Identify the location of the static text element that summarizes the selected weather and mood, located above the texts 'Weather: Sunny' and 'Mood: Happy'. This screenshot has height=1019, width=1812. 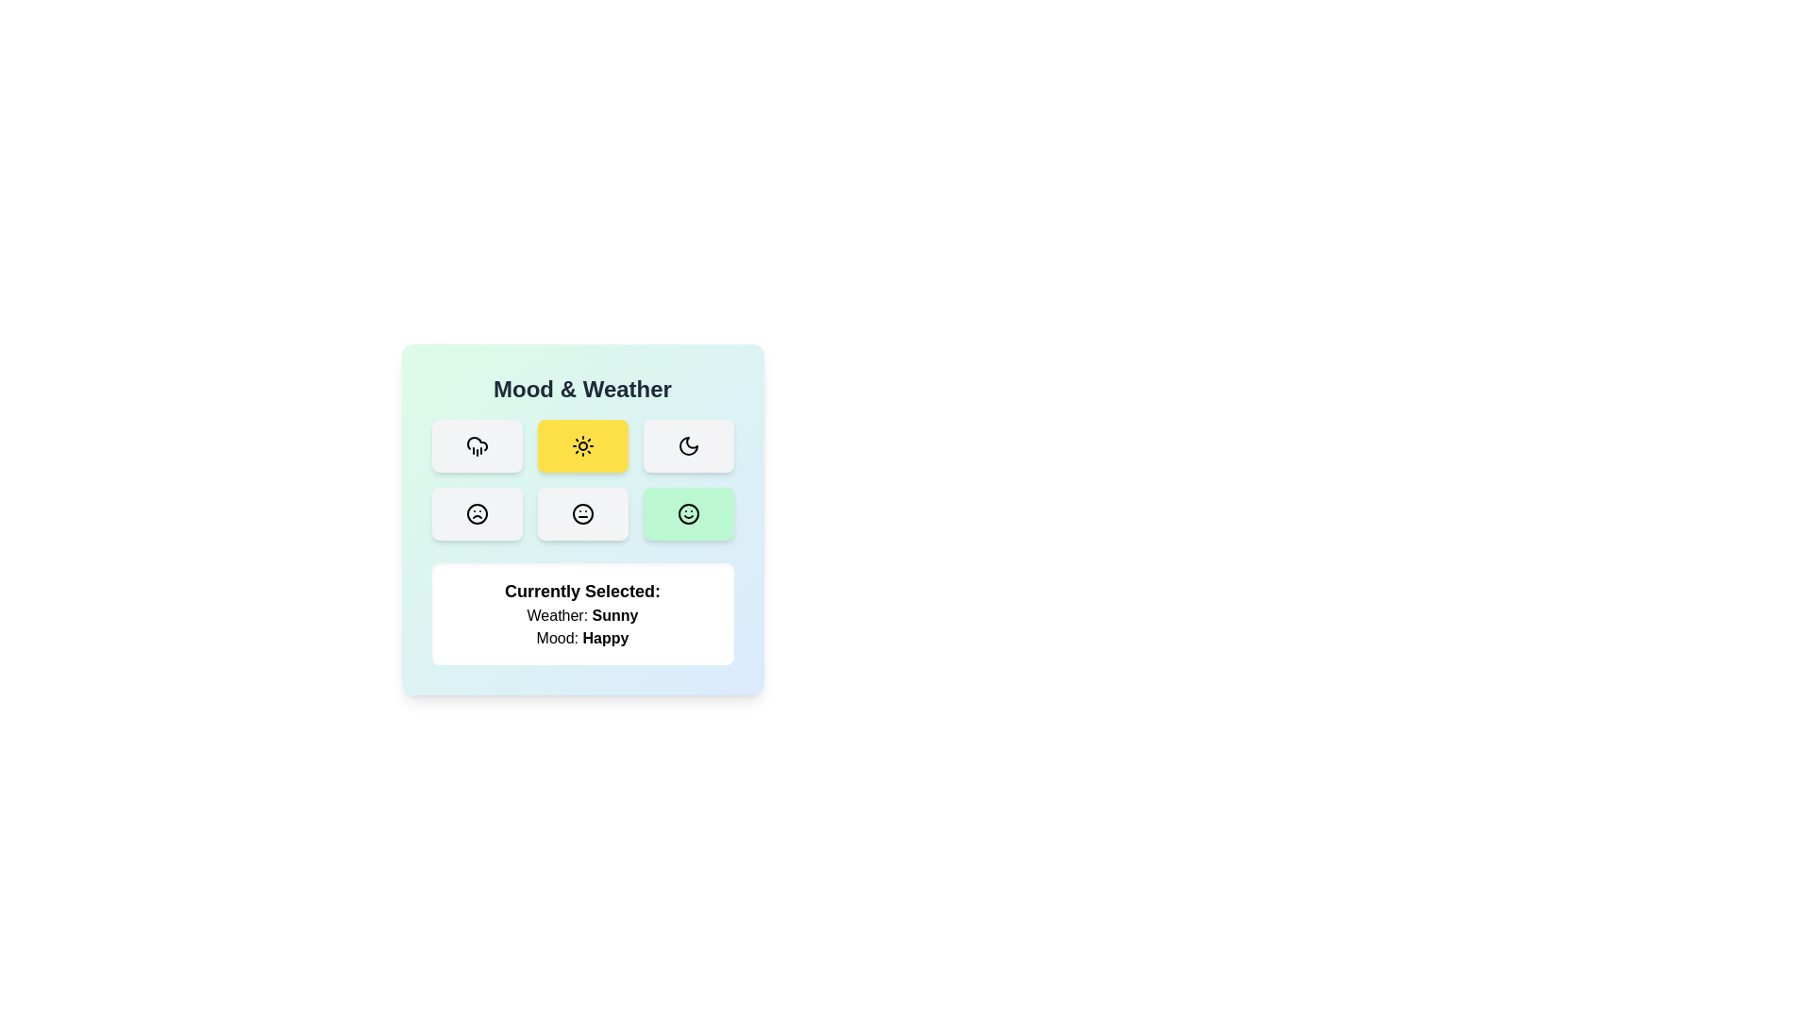
(581, 591).